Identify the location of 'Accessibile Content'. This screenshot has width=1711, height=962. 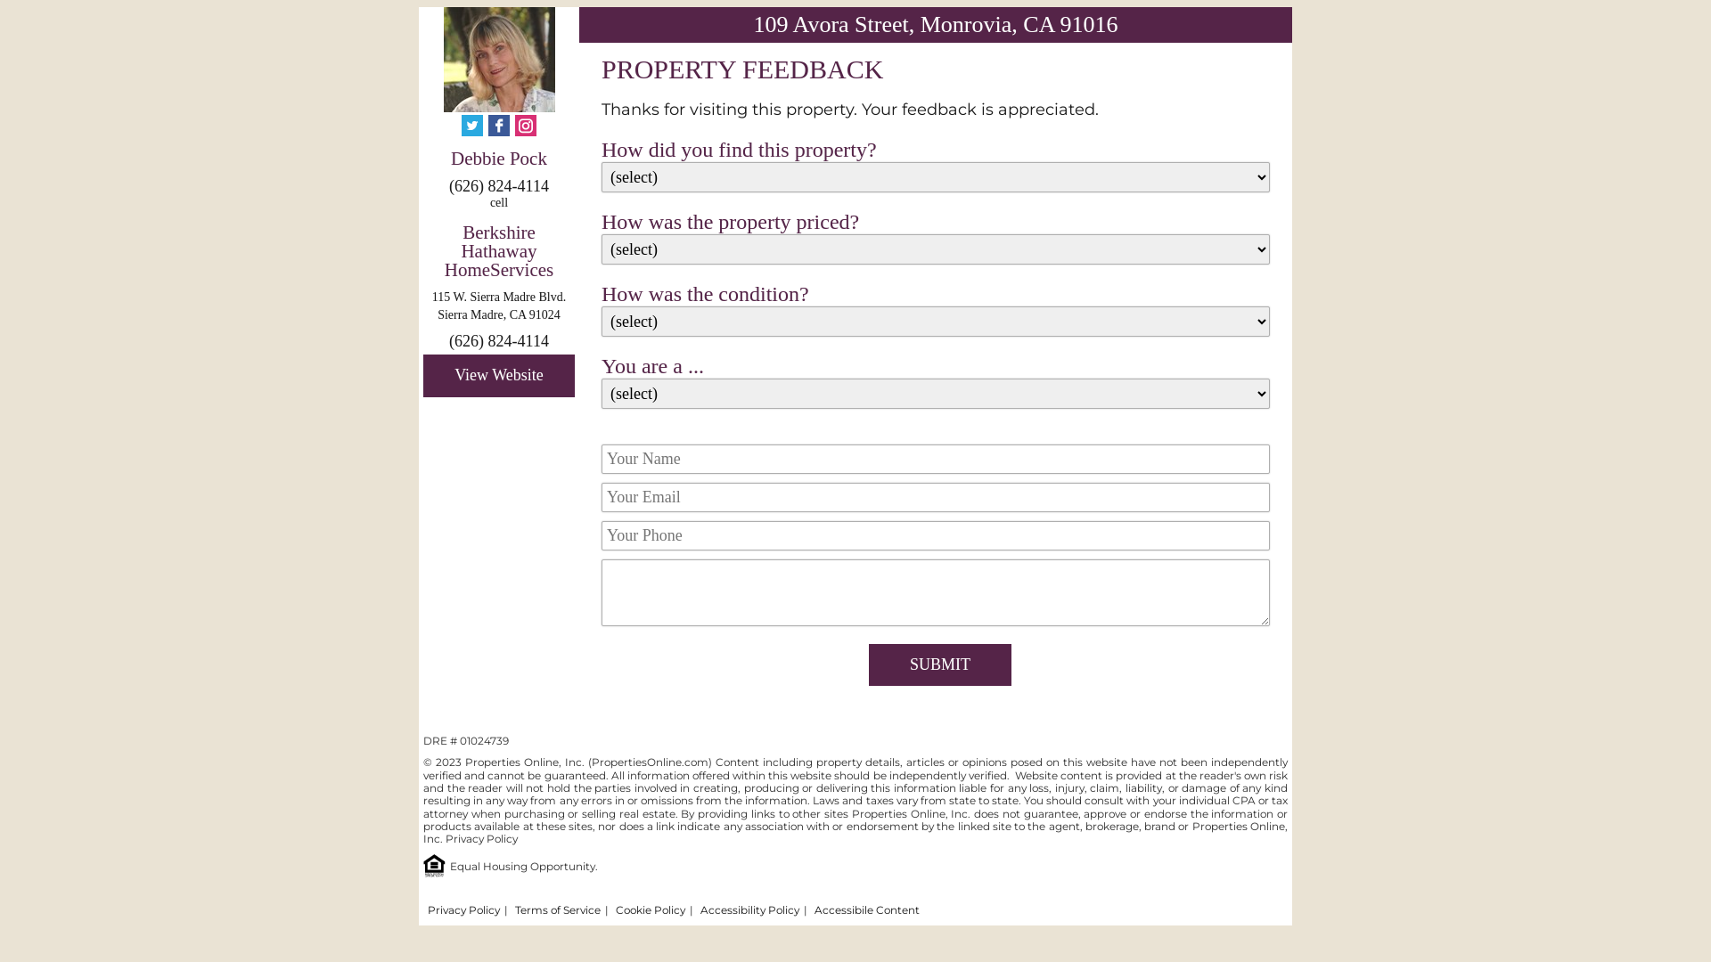
(867, 909).